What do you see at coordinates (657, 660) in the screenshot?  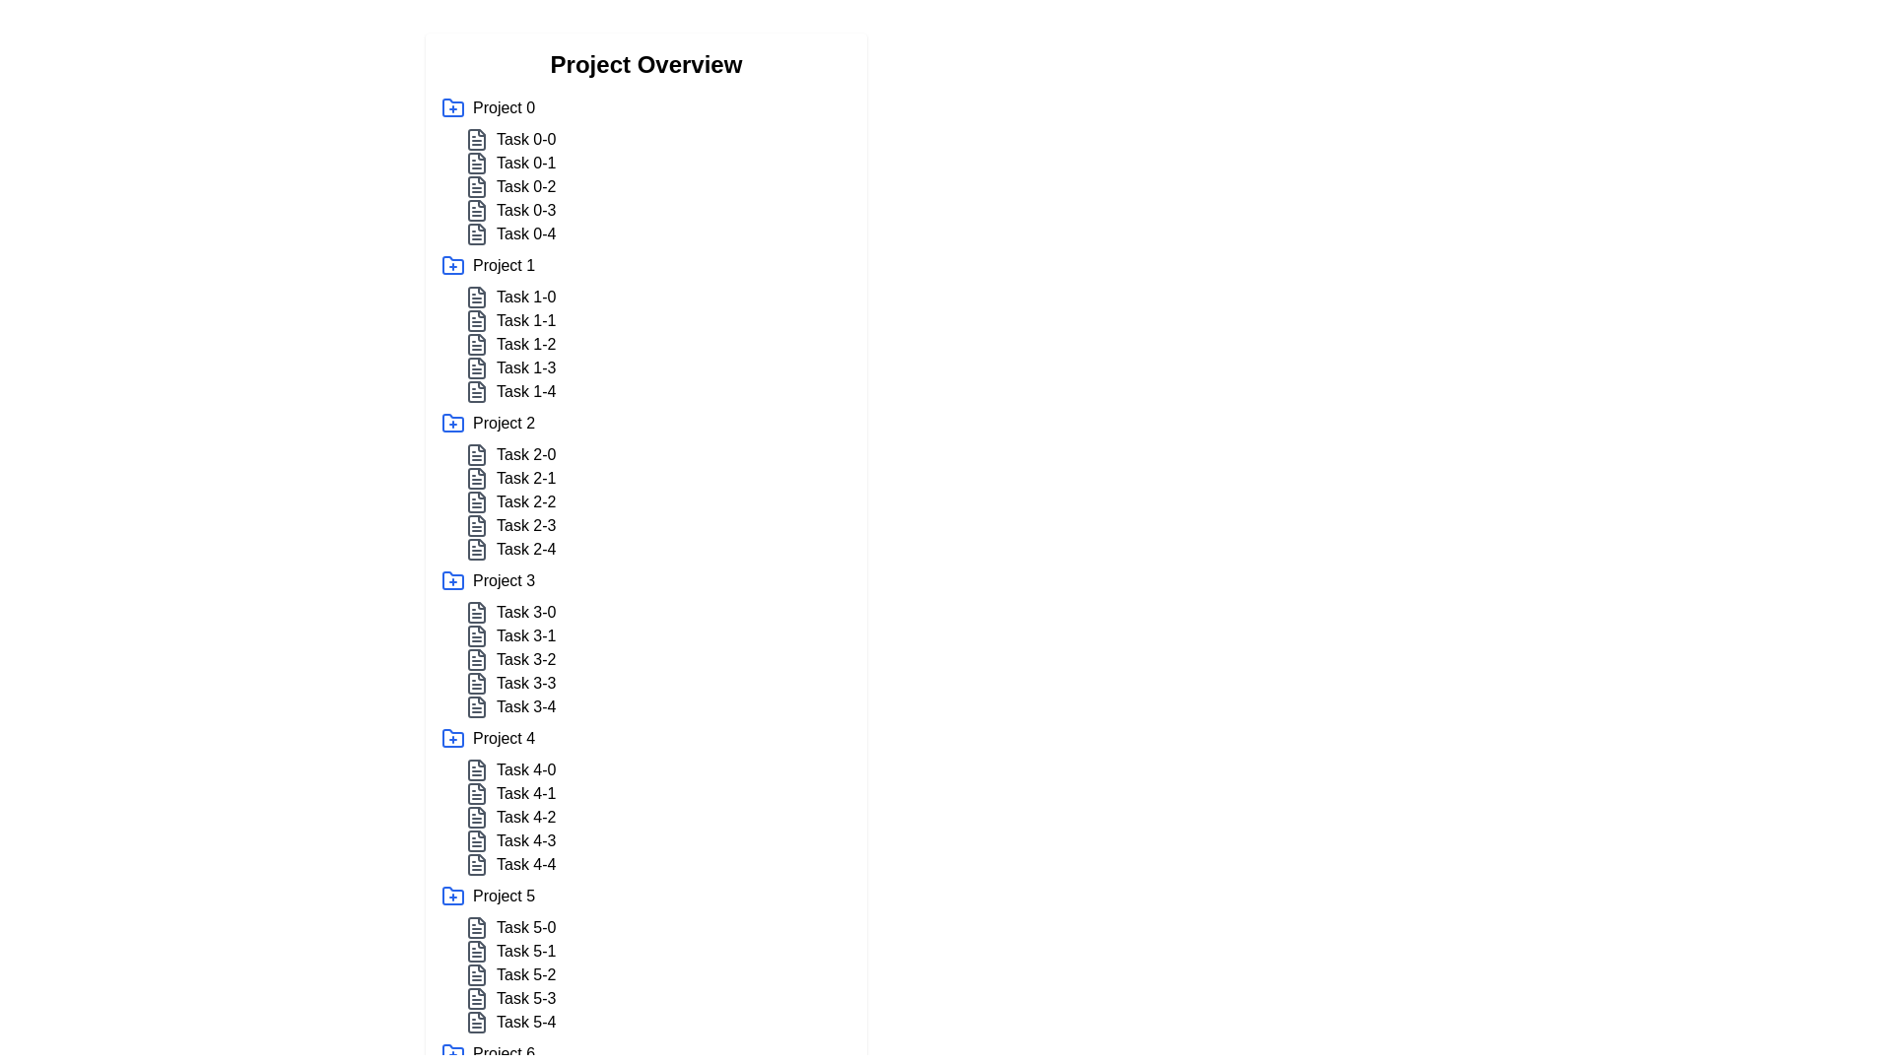 I see `the third list item under 'Project 3'` at bounding box center [657, 660].